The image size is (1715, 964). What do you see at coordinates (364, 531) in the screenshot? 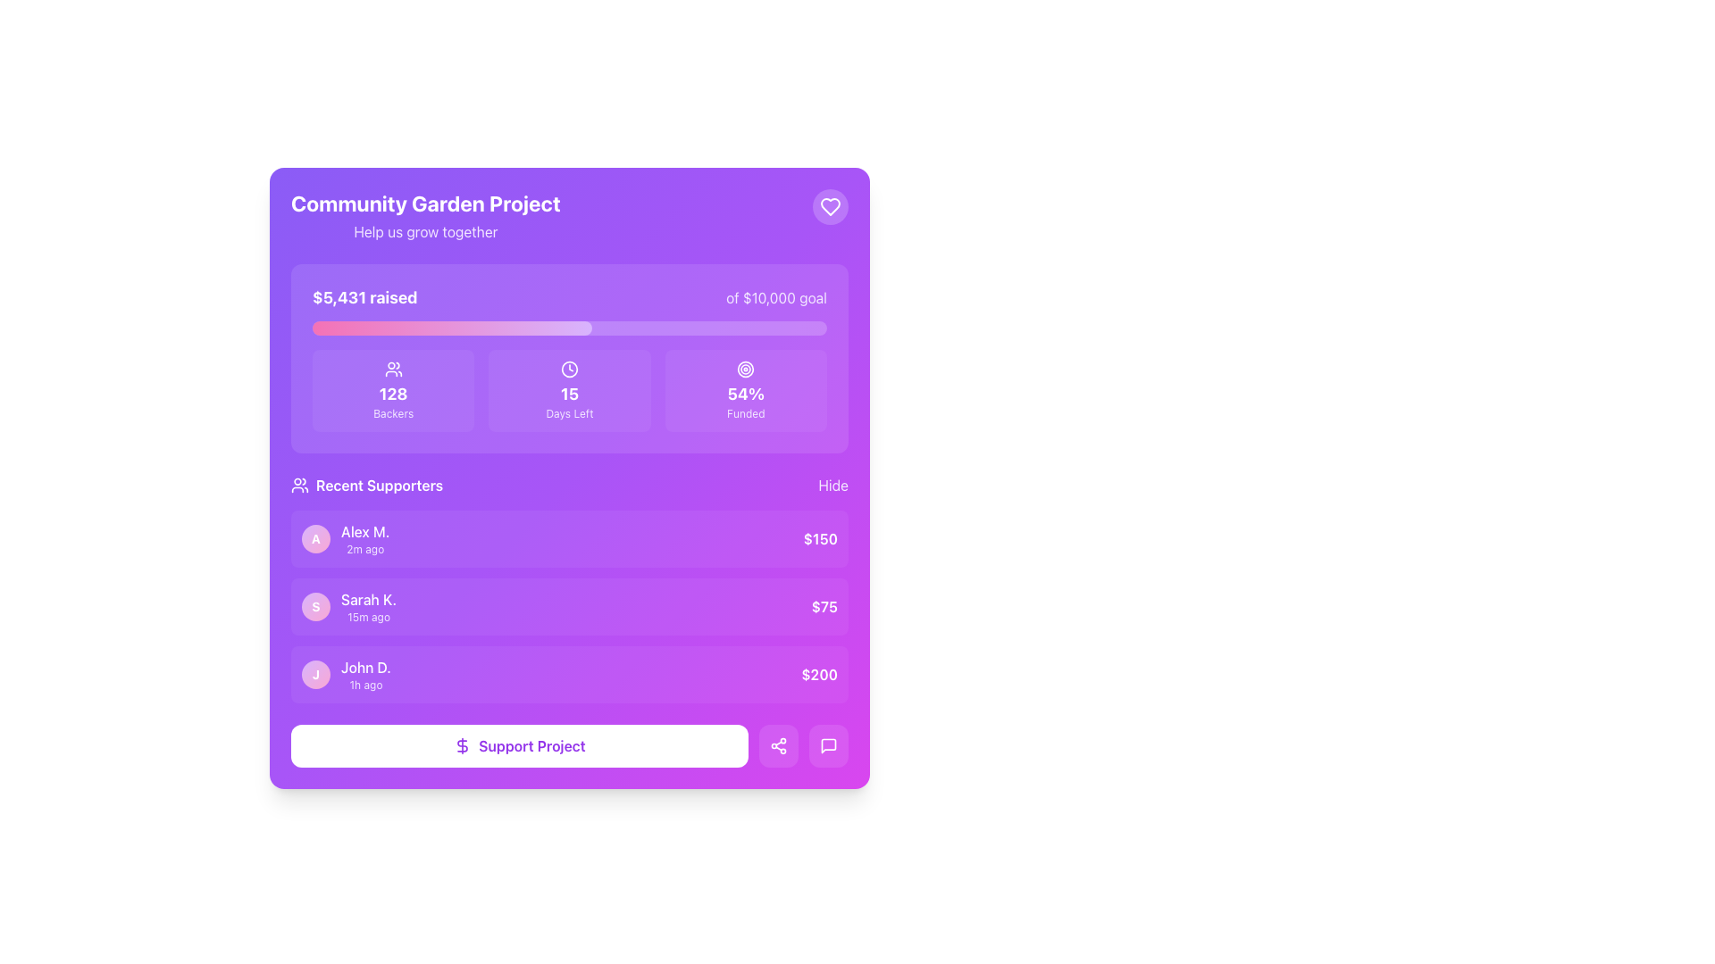
I see `text content of the label displaying 'Alex M.' in white font on a purple background, located in the 'Recent Supporters' section above the timestamp '2m ago'` at bounding box center [364, 531].